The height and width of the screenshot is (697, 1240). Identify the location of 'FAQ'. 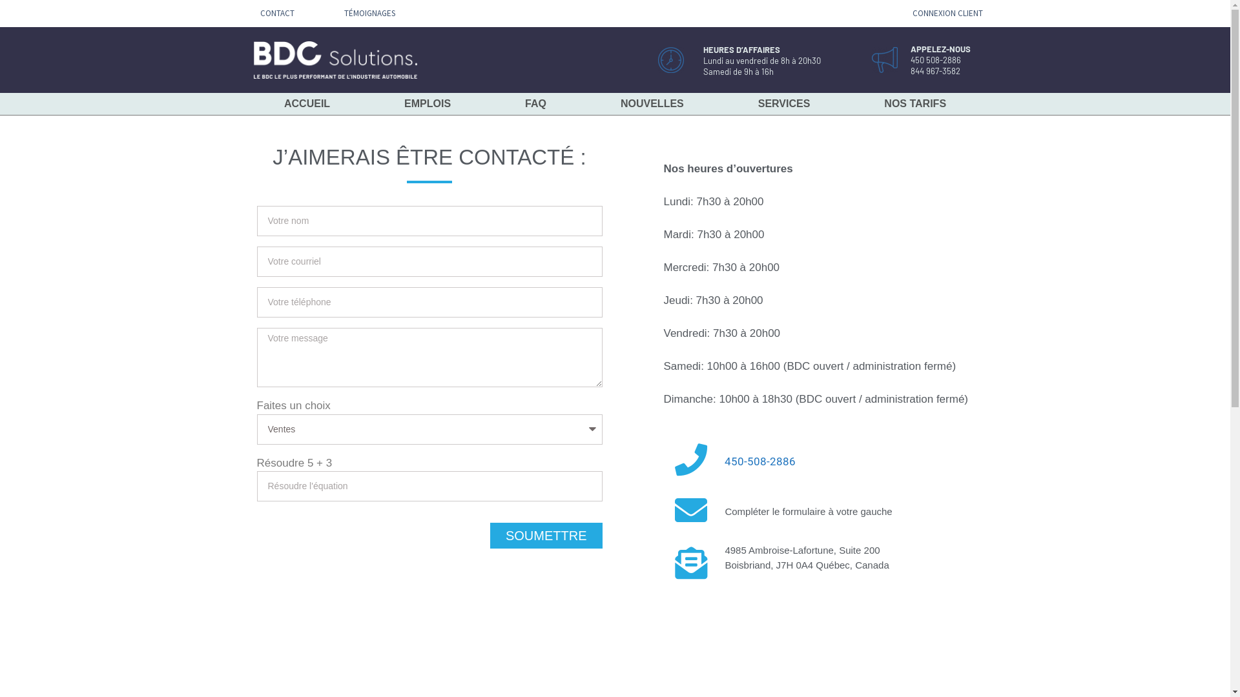
(536, 103).